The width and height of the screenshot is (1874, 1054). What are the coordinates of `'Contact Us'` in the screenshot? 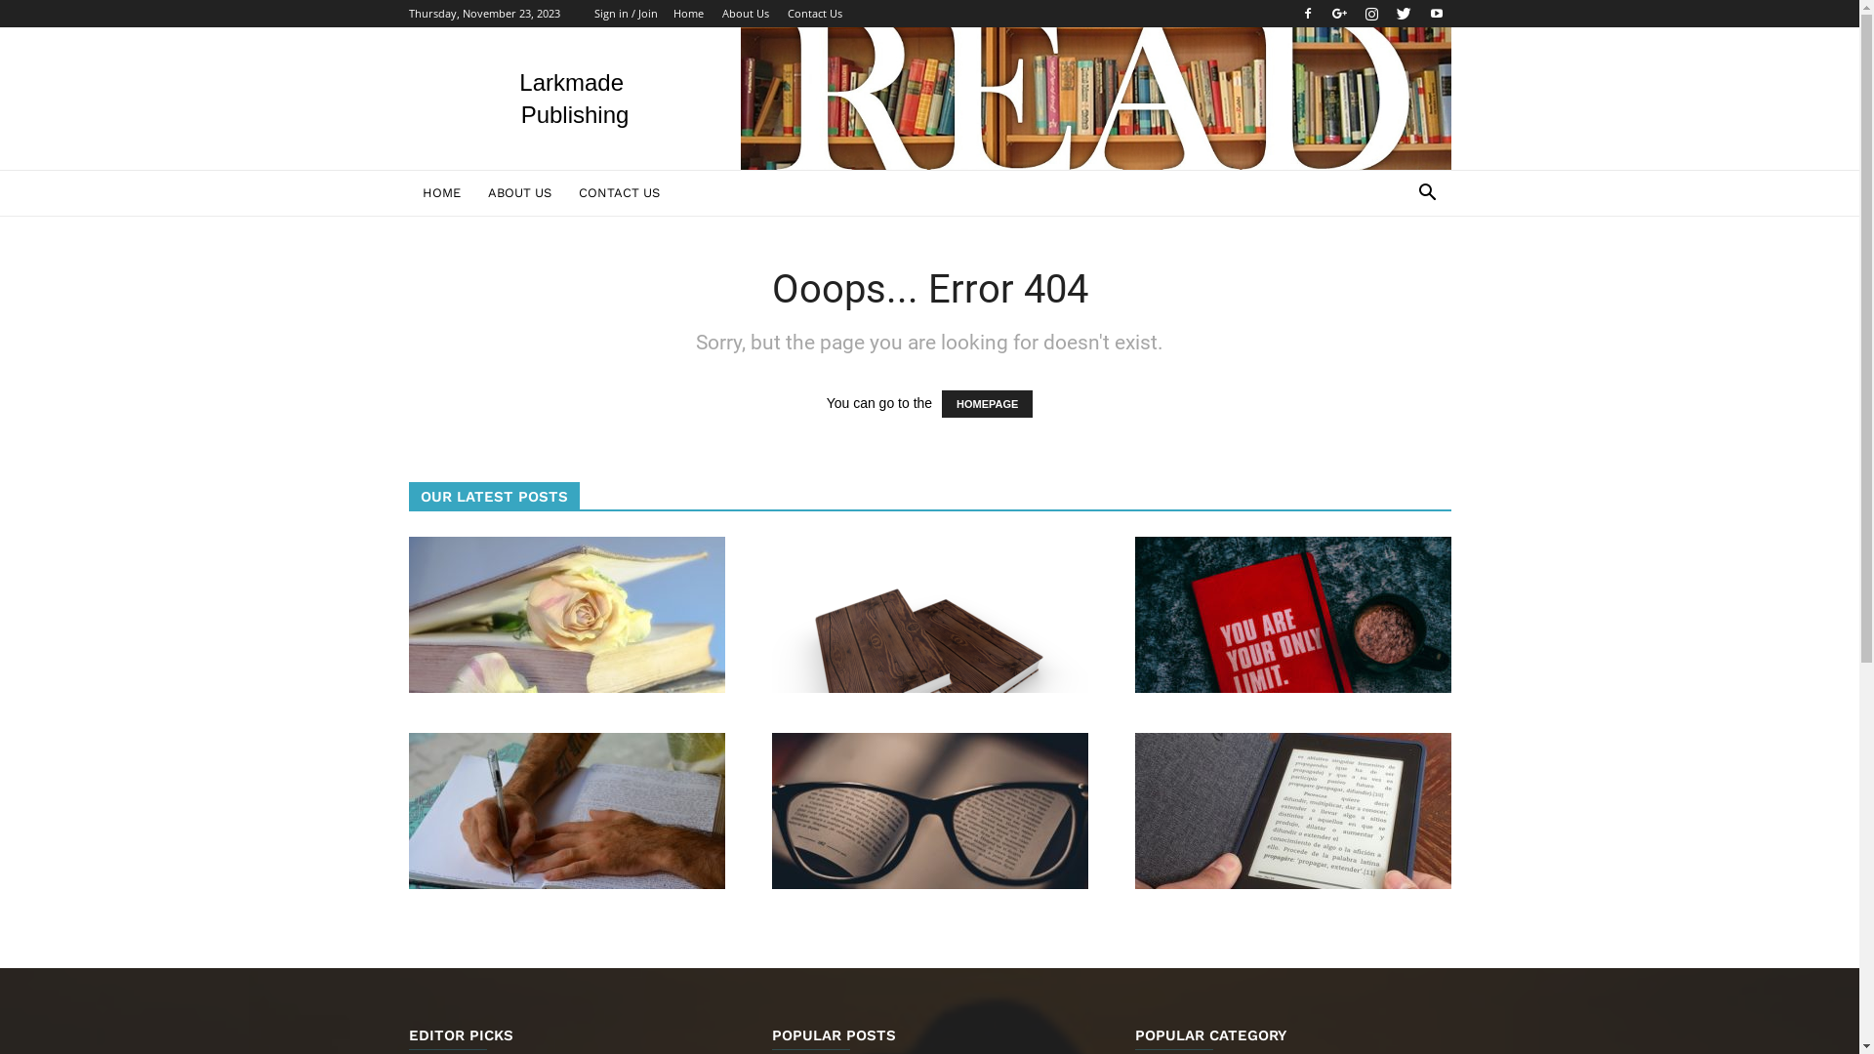 It's located at (814, 13).